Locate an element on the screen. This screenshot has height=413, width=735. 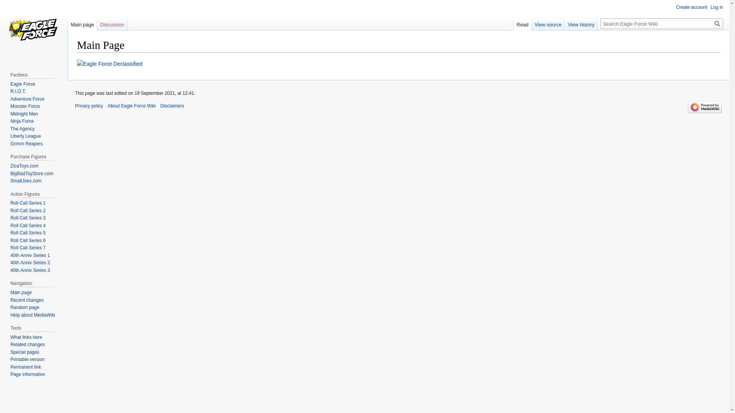
'The Agency' is located at coordinates (22, 128).